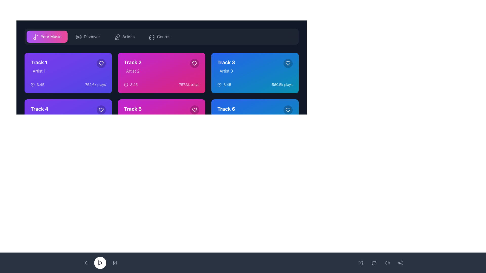 This screenshot has height=273, width=486. Describe the element at coordinates (360, 263) in the screenshot. I see `the shuffle button located at the bottom-right corner of the interface` at that location.